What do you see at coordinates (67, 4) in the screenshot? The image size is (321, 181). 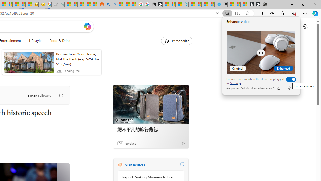 I see `'MSNBC - MSN'` at bounding box center [67, 4].